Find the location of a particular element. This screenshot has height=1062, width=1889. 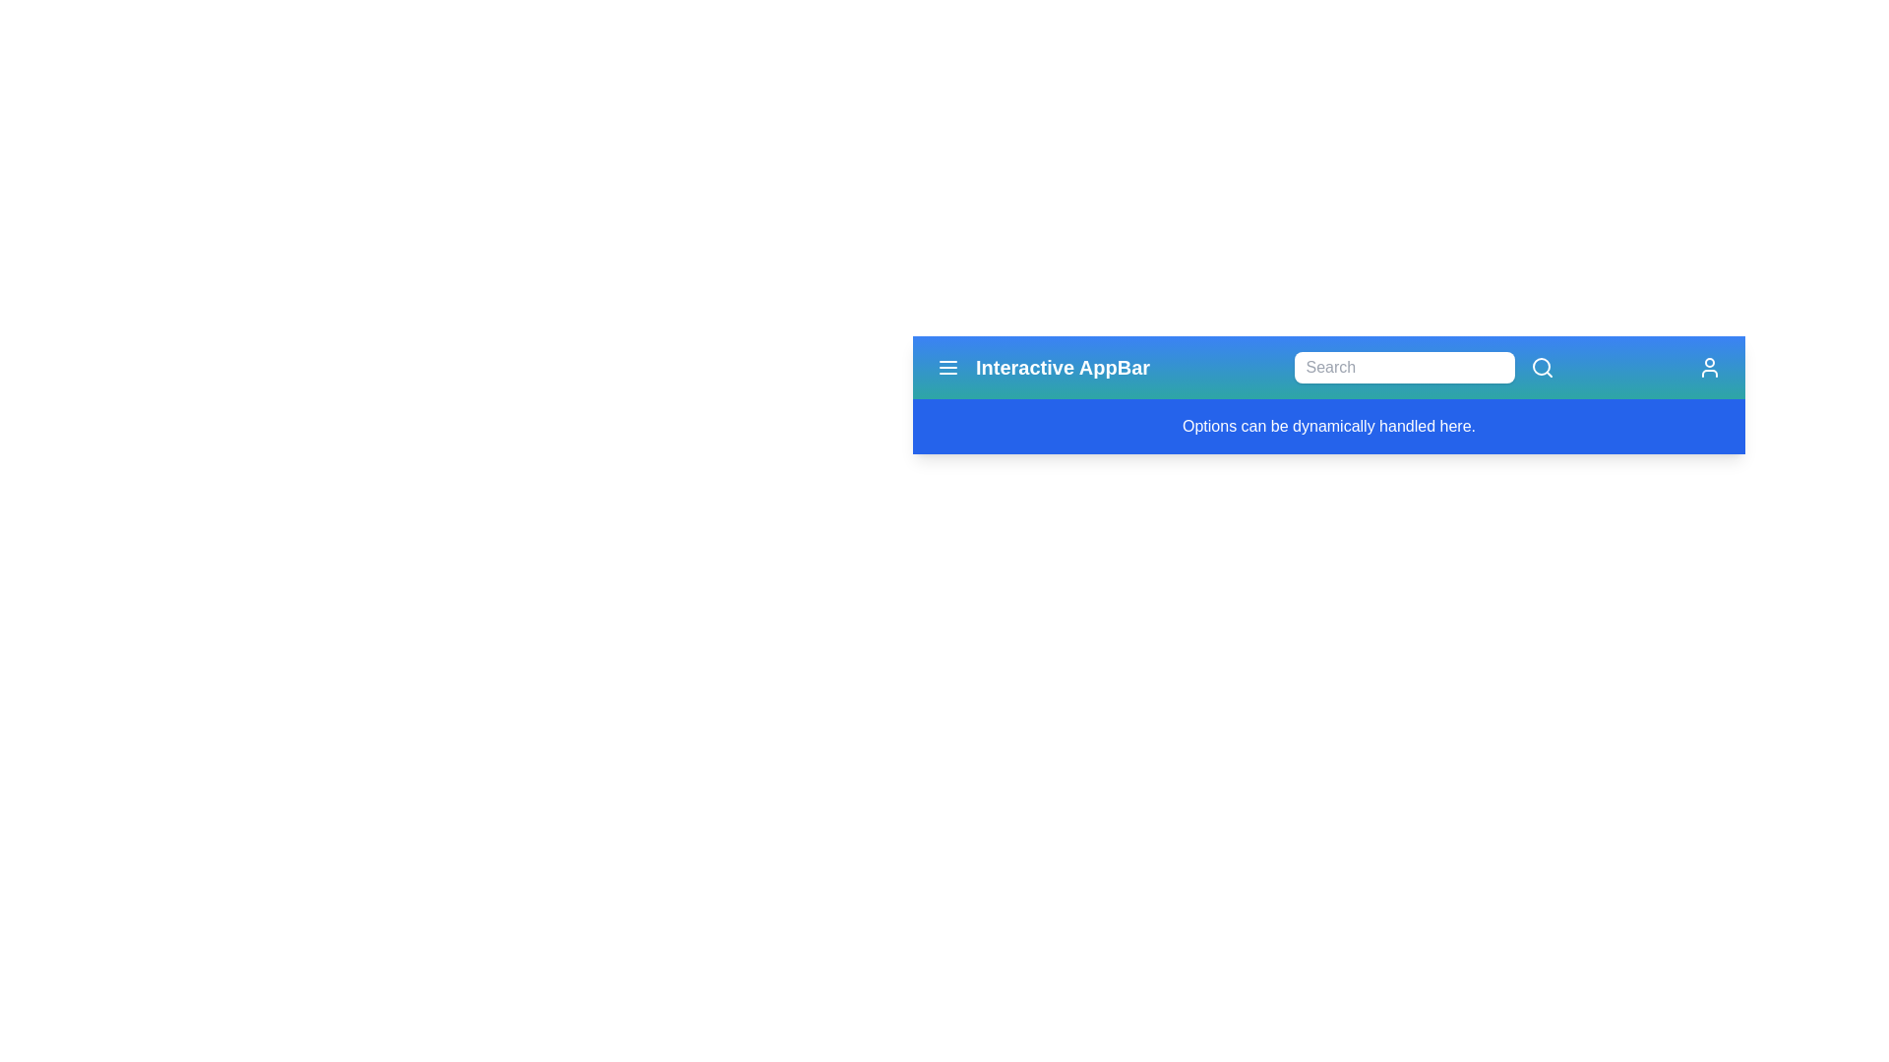

the user icon to access user options is located at coordinates (1708, 368).